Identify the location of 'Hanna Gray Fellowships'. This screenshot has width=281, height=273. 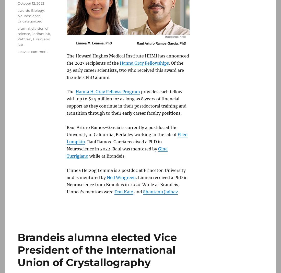
(120, 63).